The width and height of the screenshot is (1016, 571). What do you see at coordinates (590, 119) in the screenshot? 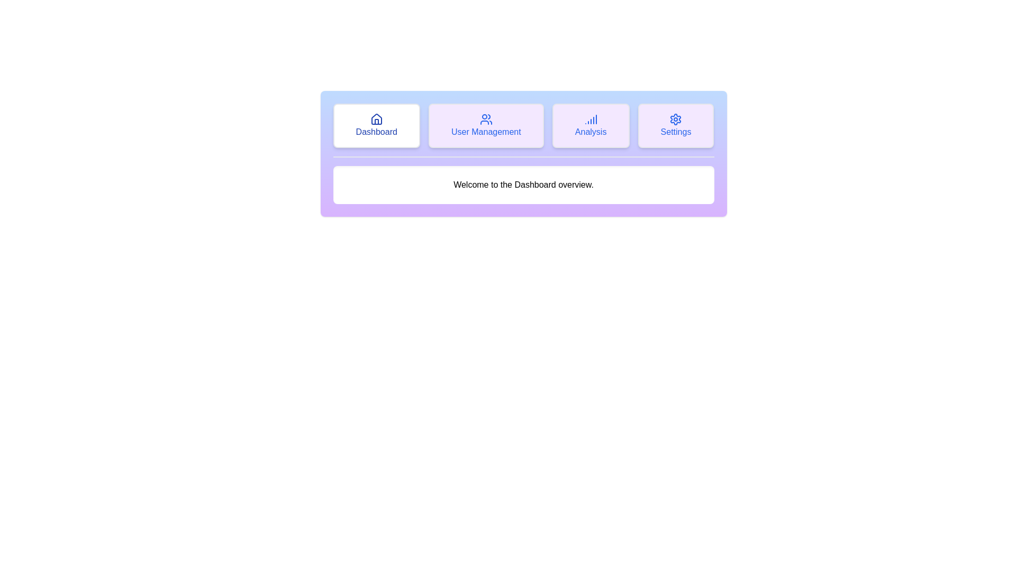
I see `the 'Analysis' button which contains the signal strength icon, positioned as the topmost and centered item inside the button` at bounding box center [590, 119].